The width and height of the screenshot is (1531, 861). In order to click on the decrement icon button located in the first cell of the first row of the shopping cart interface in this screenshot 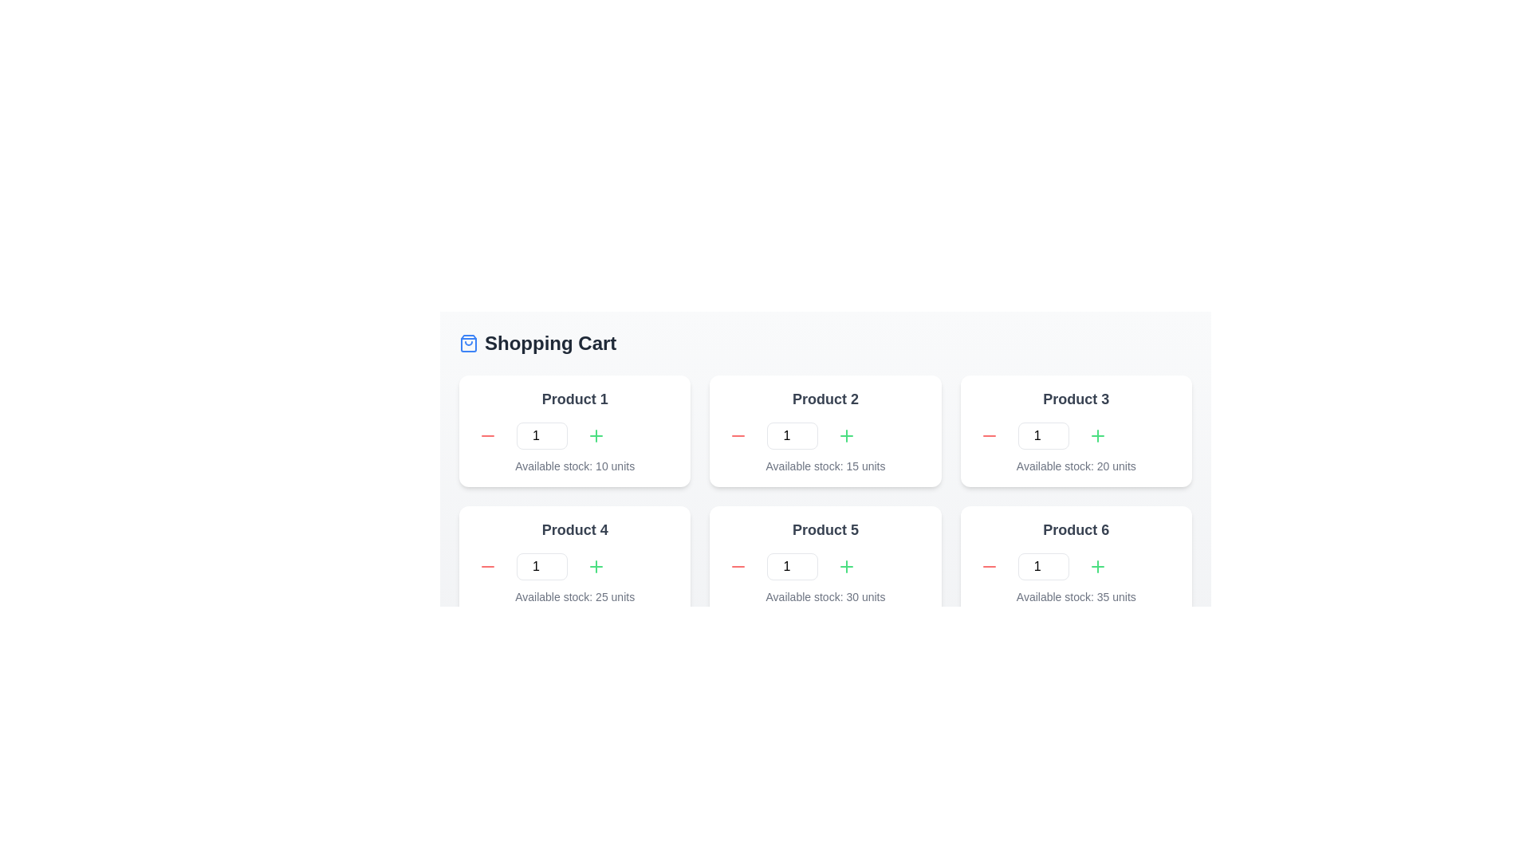, I will do `click(486, 436)`.